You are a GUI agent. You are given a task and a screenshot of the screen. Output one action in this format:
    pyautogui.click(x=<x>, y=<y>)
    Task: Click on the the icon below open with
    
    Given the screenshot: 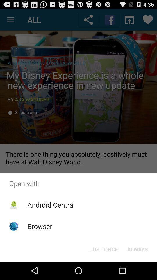 What is the action you would take?
    pyautogui.click(x=104, y=249)
    